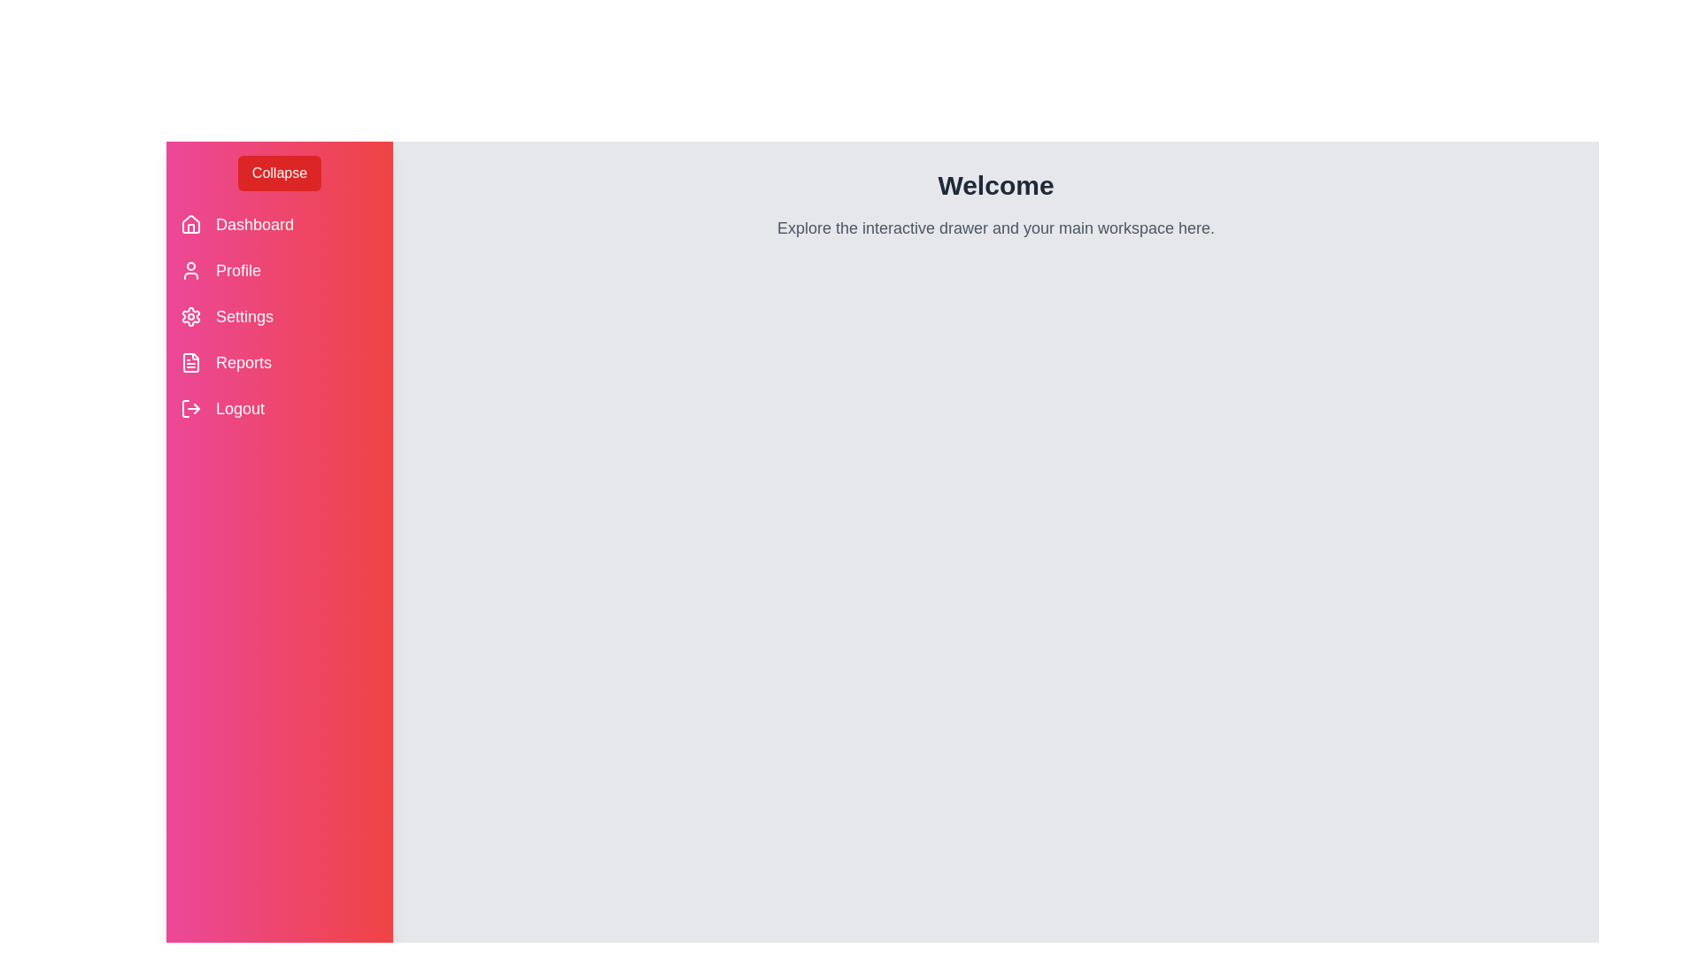  Describe the element at coordinates (279, 224) in the screenshot. I see `the 'Dashboard' menu item to navigate to the dashboard` at that location.